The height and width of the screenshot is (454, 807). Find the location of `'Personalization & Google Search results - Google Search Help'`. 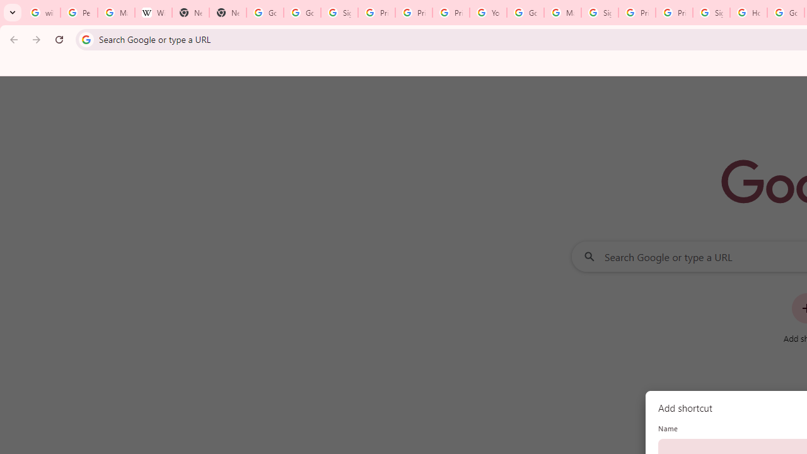

'Personalization & Google Search results - Google Search Help' is located at coordinates (78, 13).